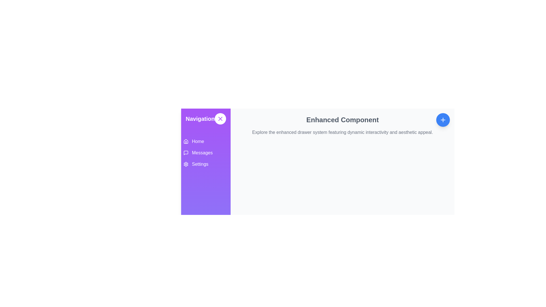 Image resolution: width=546 pixels, height=307 pixels. I want to click on the blue circular button located at the top-right corner of the view, so click(443, 119).